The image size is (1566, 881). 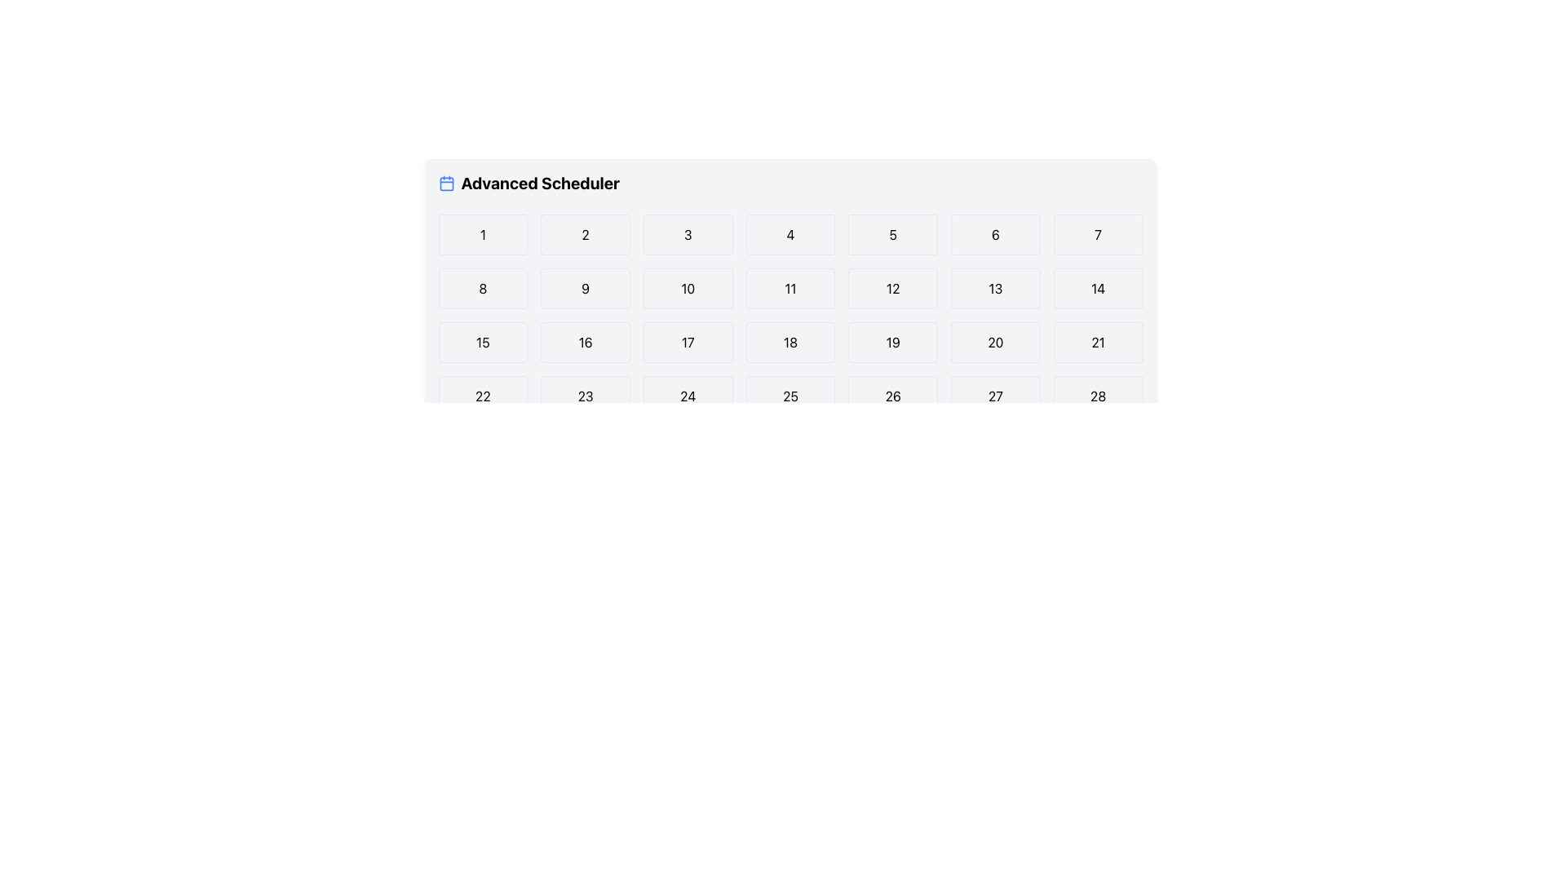 What do you see at coordinates (892, 288) in the screenshot?
I see `the rectangular button with a light background and the digit '12' centered within it` at bounding box center [892, 288].